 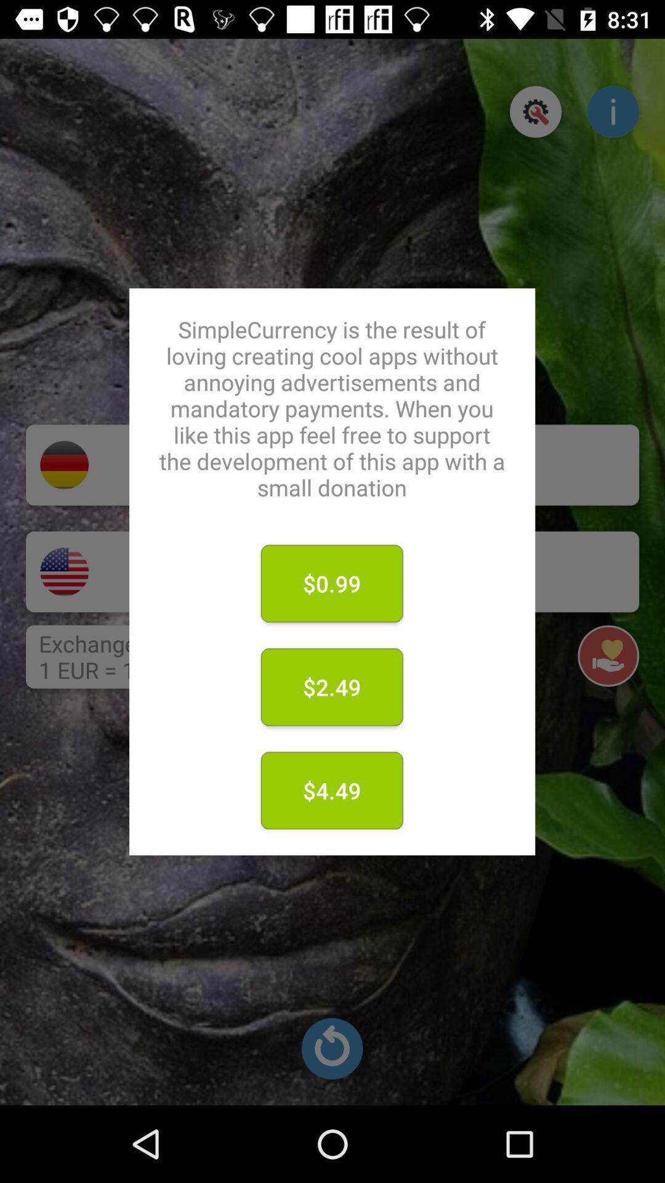 What do you see at coordinates (535, 112) in the screenshot?
I see `the settings icon` at bounding box center [535, 112].